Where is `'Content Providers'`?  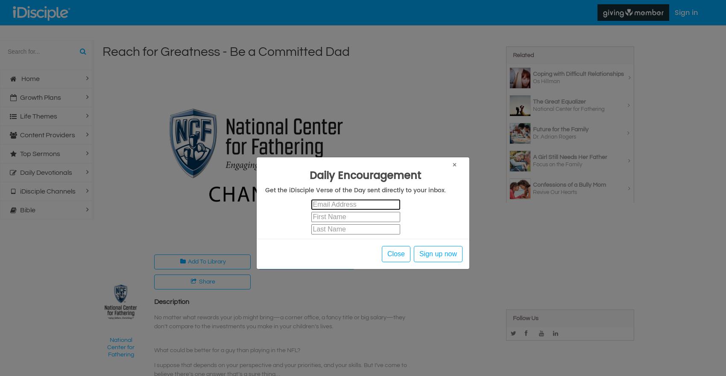
'Content Providers' is located at coordinates (47, 135).